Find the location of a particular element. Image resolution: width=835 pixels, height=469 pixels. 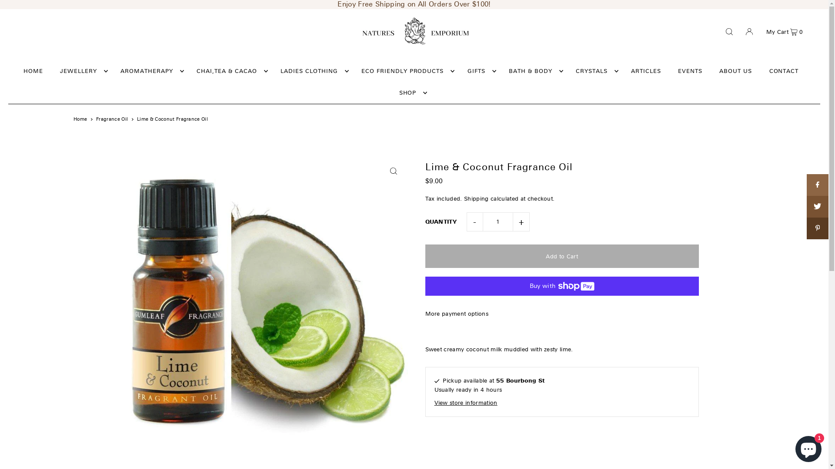

'BATH & BODY' is located at coordinates (533, 71).